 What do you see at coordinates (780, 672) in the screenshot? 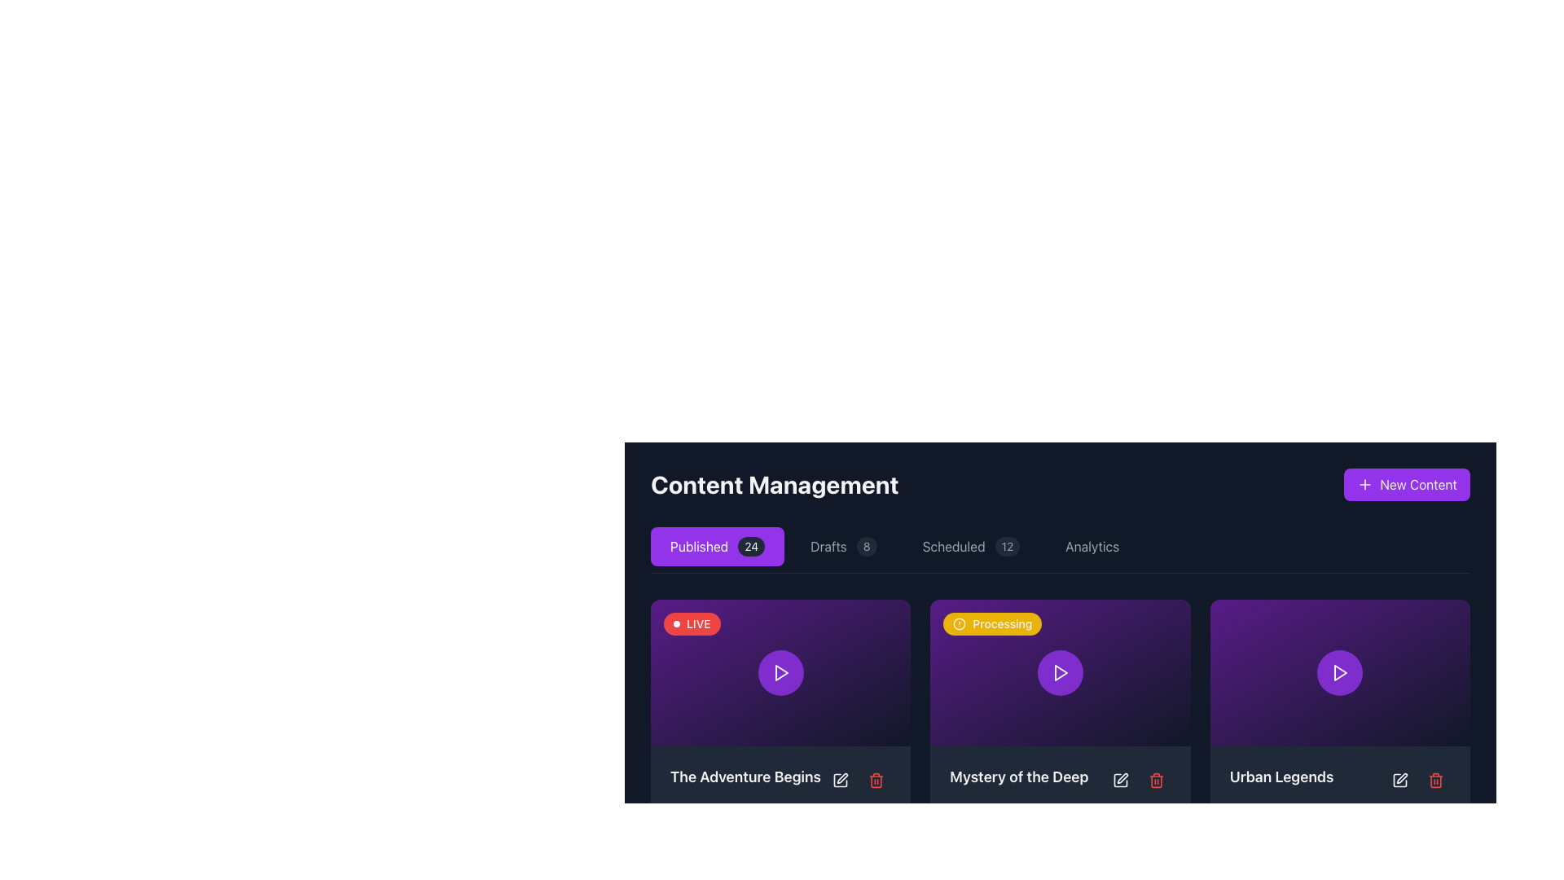
I see `the play icon within the purple circular button located in the leftmost card of the second row to initiate playback of the media content` at bounding box center [780, 672].